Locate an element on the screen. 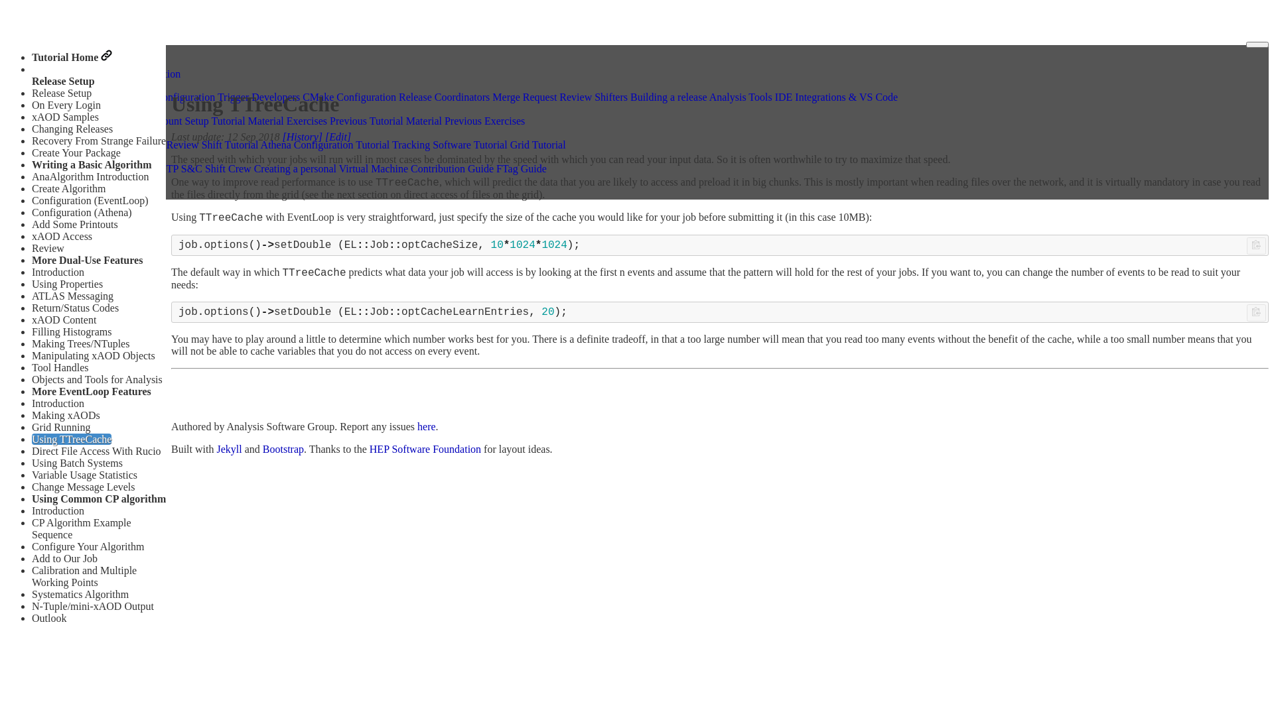 The height and width of the screenshot is (716, 1274). 'Athena Configuration' is located at coordinates (168, 96).